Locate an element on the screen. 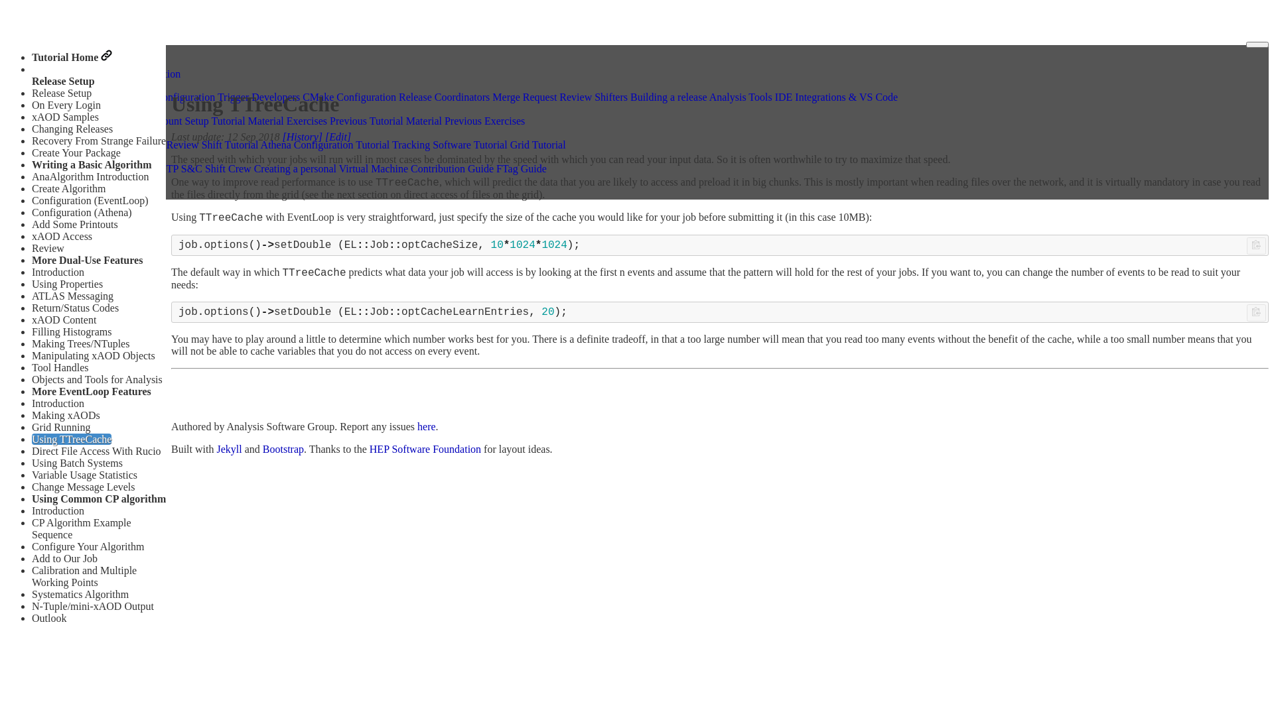 The height and width of the screenshot is (716, 1274). 'Athena Configuration' is located at coordinates (168, 96).